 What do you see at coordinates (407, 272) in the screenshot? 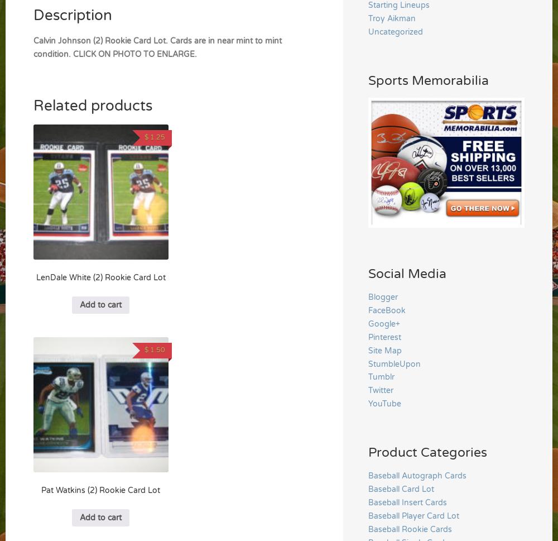
I see `'Social Media'` at bounding box center [407, 272].